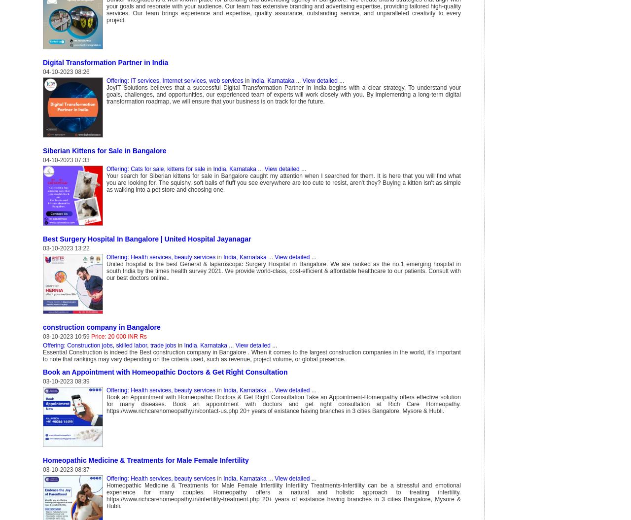 The height and width of the screenshot is (520, 631). Describe the element at coordinates (282, 494) in the screenshot. I see `'Homeopathic Medicine & Treatments for Male Female Infertility
Infertility Treatments-Infertility can be a stressful and emotional experience for many couples. Homeopathy offers a natural and holistic approach to treating infertility.

https://www.richcarehomeopathy.in/infertility-treatment.php

20+ years of existance having branches in 3 cities Bangalore,  Mysore & Hubli.'` at that location.